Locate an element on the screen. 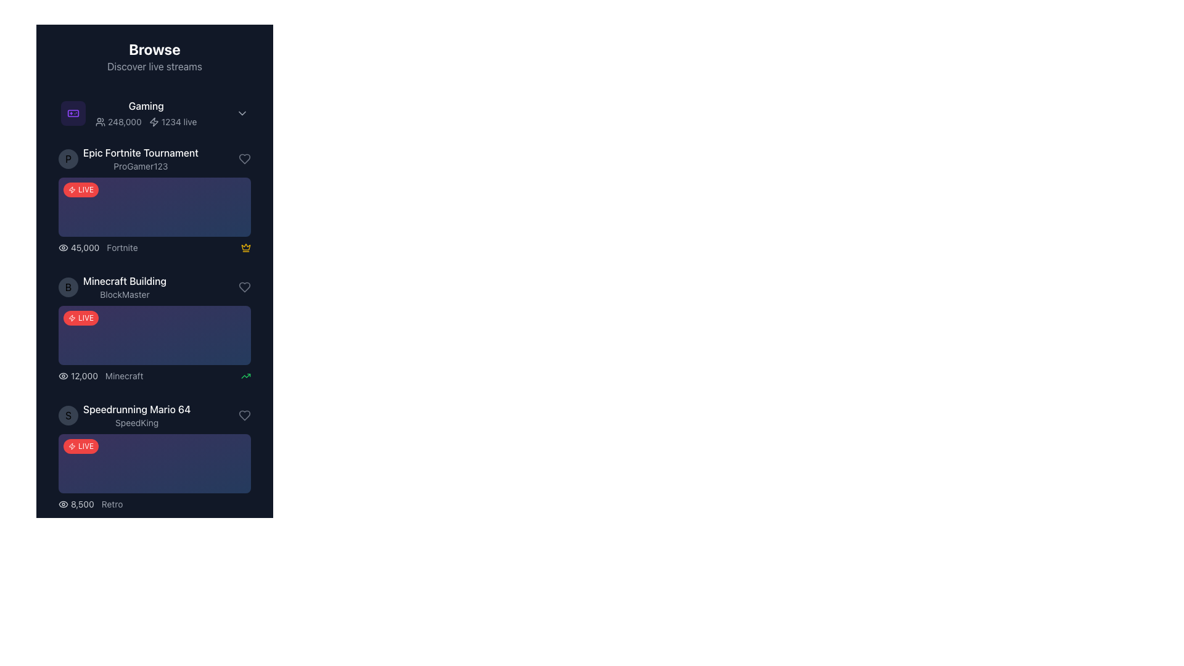 The width and height of the screenshot is (1184, 666). the heart-shaped interactive icon located to the far right of the row for 'Epic Fortnite Tournament' and 'ProGamer123' is located at coordinates (245, 158).